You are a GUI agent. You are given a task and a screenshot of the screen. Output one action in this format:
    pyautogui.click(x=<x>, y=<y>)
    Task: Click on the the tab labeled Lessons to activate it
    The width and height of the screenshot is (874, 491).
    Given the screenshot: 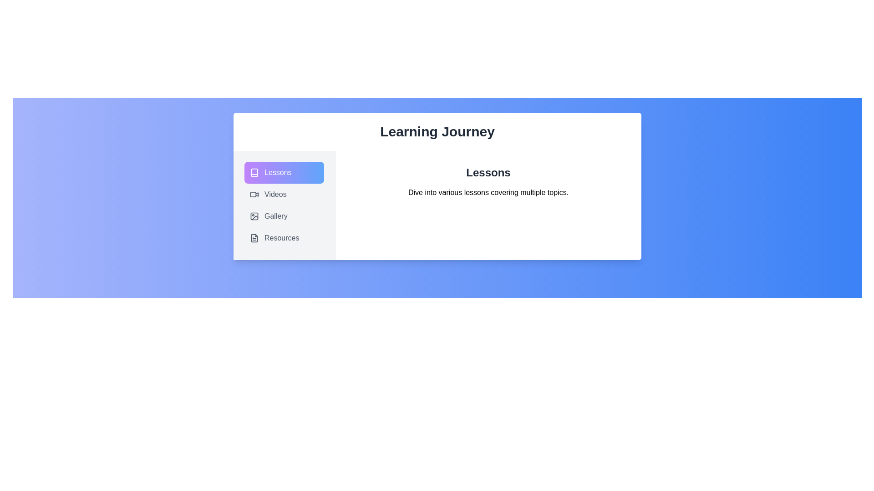 What is the action you would take?
    pyautogui.click(x=284, y=173)
    